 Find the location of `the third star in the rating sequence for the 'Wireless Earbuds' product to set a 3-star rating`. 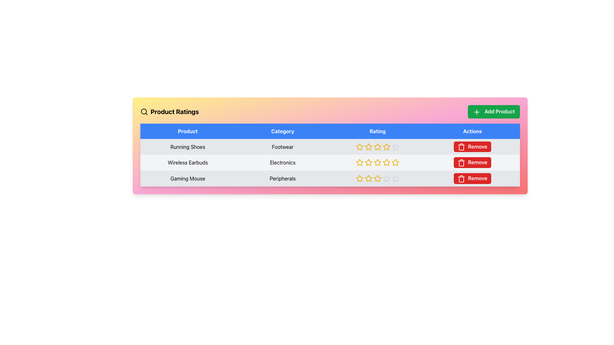

the third star in the rating sequence for the 'Wireless Earbuds' product to set a 3-star rating is located at coordinates (386, 162).